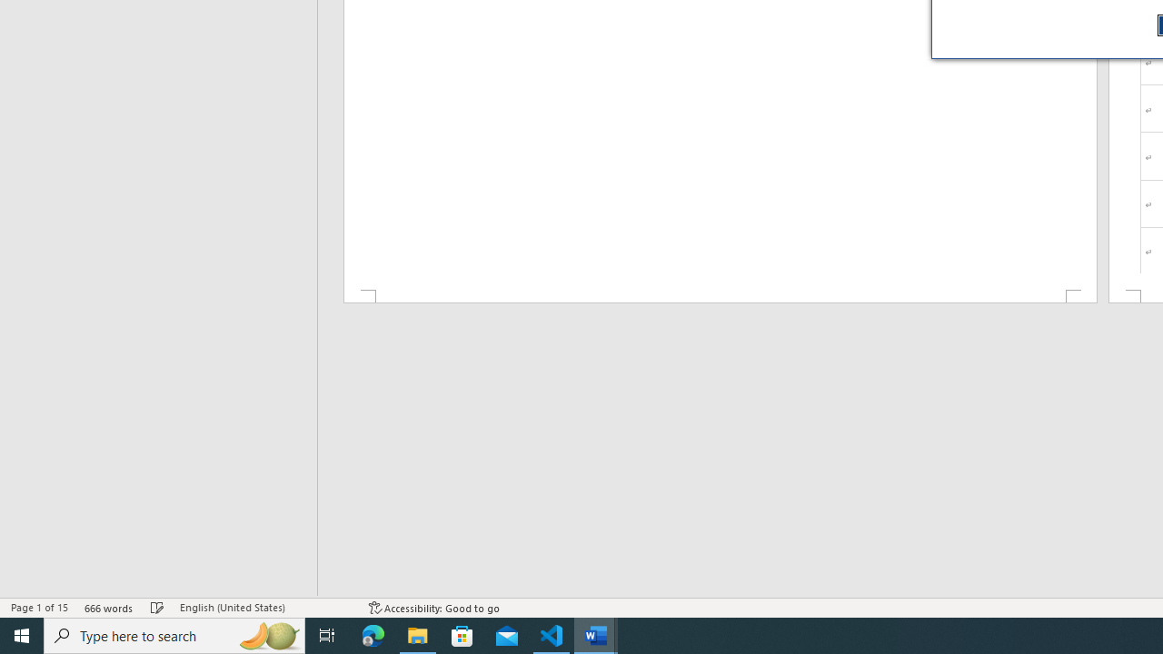 The image size is (1163, 654). What do you see at coordinates (462, 634) in the screenshot?
I see `'Microsoft Store'` at bounding box center [462, 634].